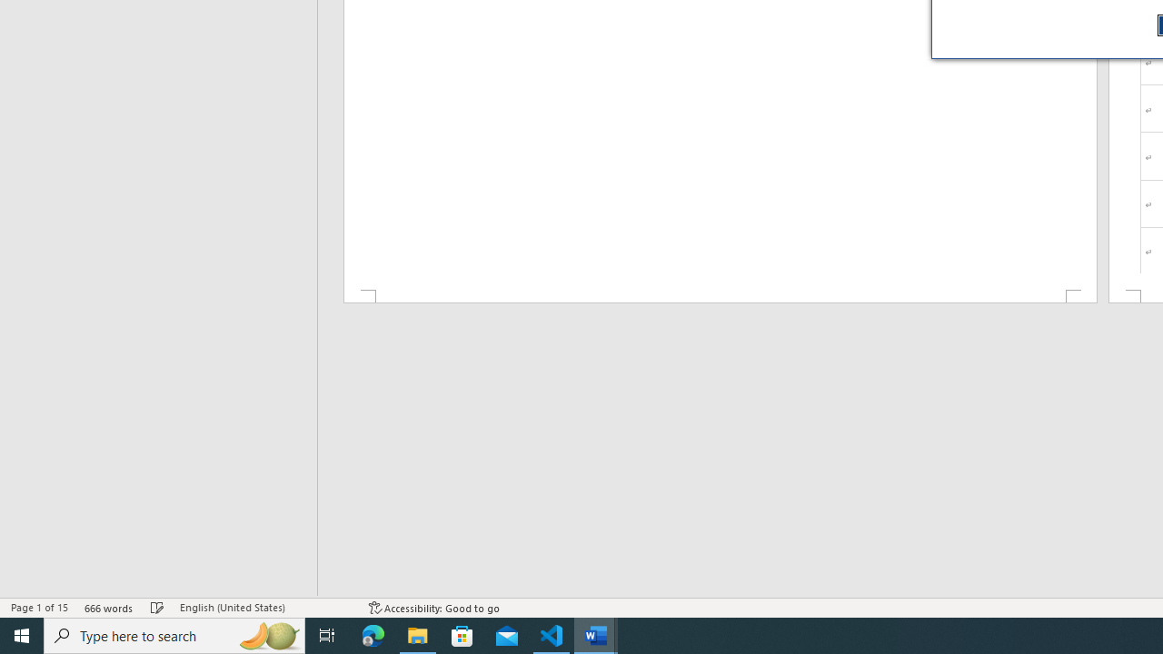 The image size is (1163, 654). What do you see at coordinates (462, 634) in the screenshot?
I see `'Microsoft Store'` at bounding box center [462, 634].